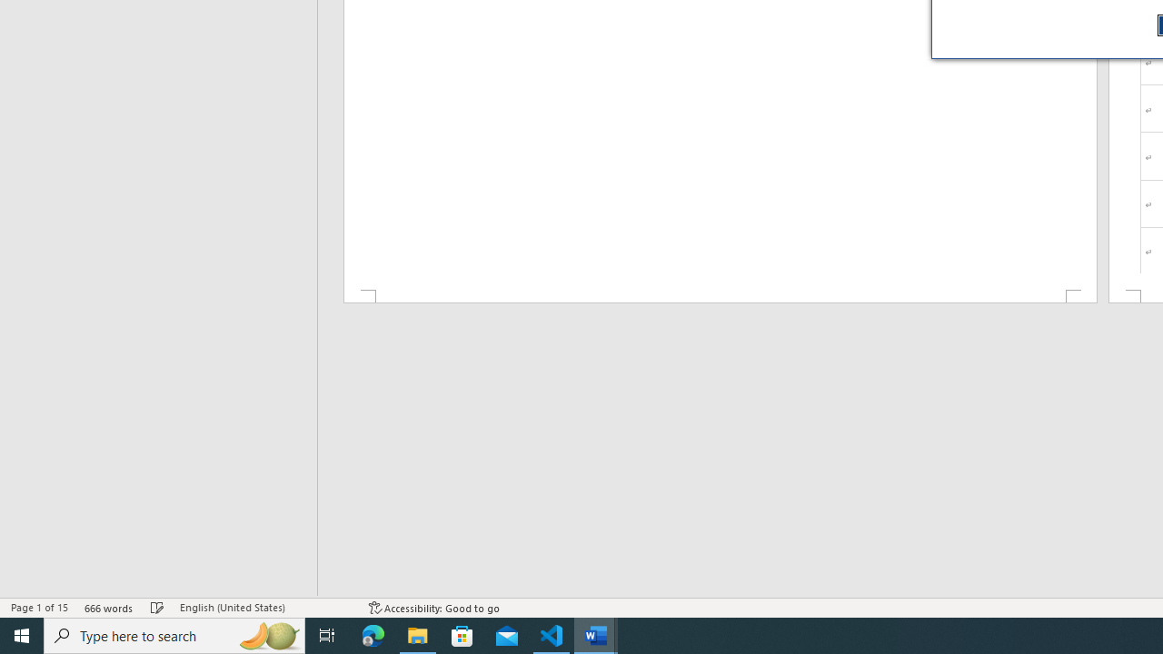 The image size is (1163, 654). What do you see at coordinates (462, 634) in the screenshot?
I see `'Microsoft Store'` at bounding box center [462, 634].